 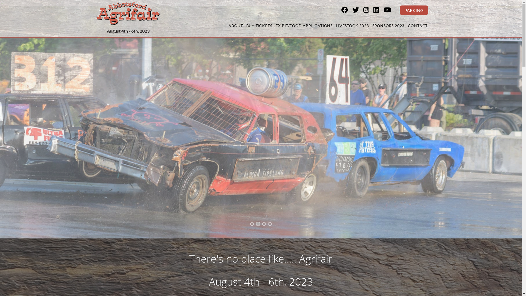 What do you see at coordinates (352, 26) in the screenshot?
I see `'LIVESTOCK 2023'` at bounding box center [352, 26].